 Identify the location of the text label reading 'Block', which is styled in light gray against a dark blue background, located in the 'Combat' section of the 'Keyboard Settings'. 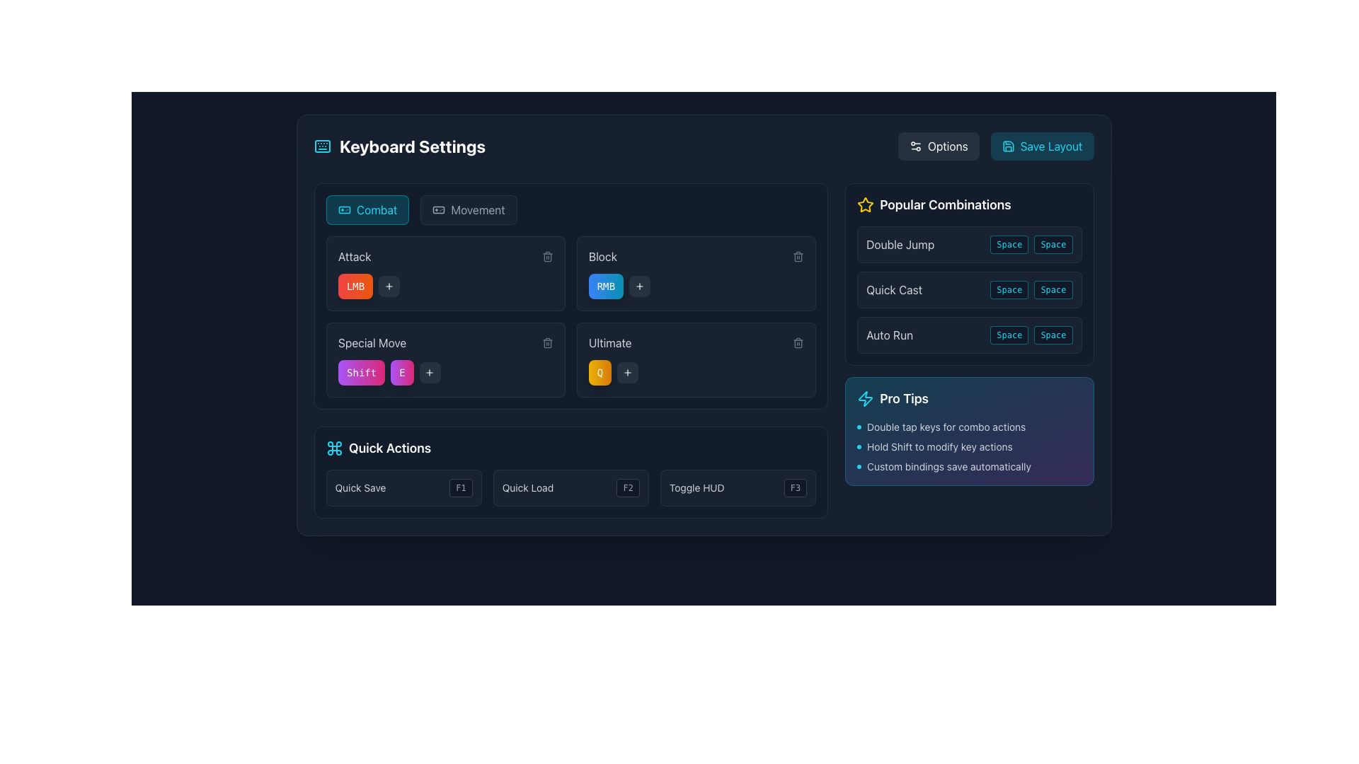
(602, 256).